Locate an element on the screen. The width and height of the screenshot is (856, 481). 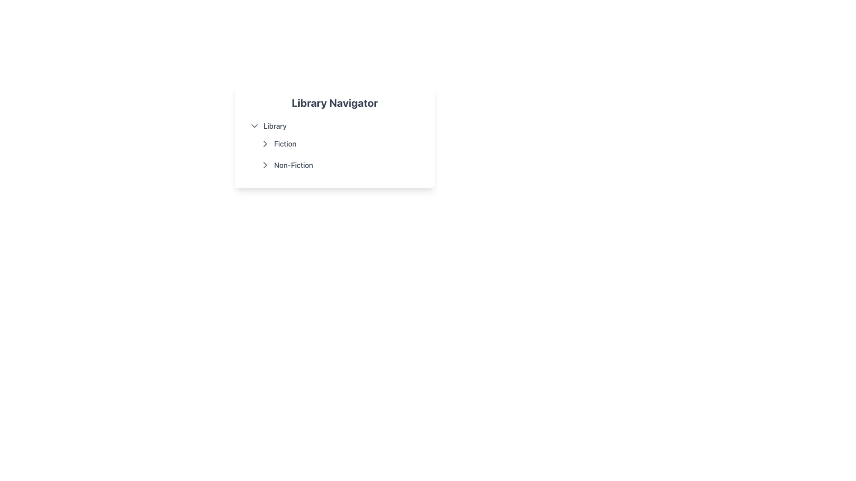
the text label displaying 'Library' which is part of a vertical list in a navigation panel and is positioned to the right of a small chevron icon is located at coordinates (275, 126).